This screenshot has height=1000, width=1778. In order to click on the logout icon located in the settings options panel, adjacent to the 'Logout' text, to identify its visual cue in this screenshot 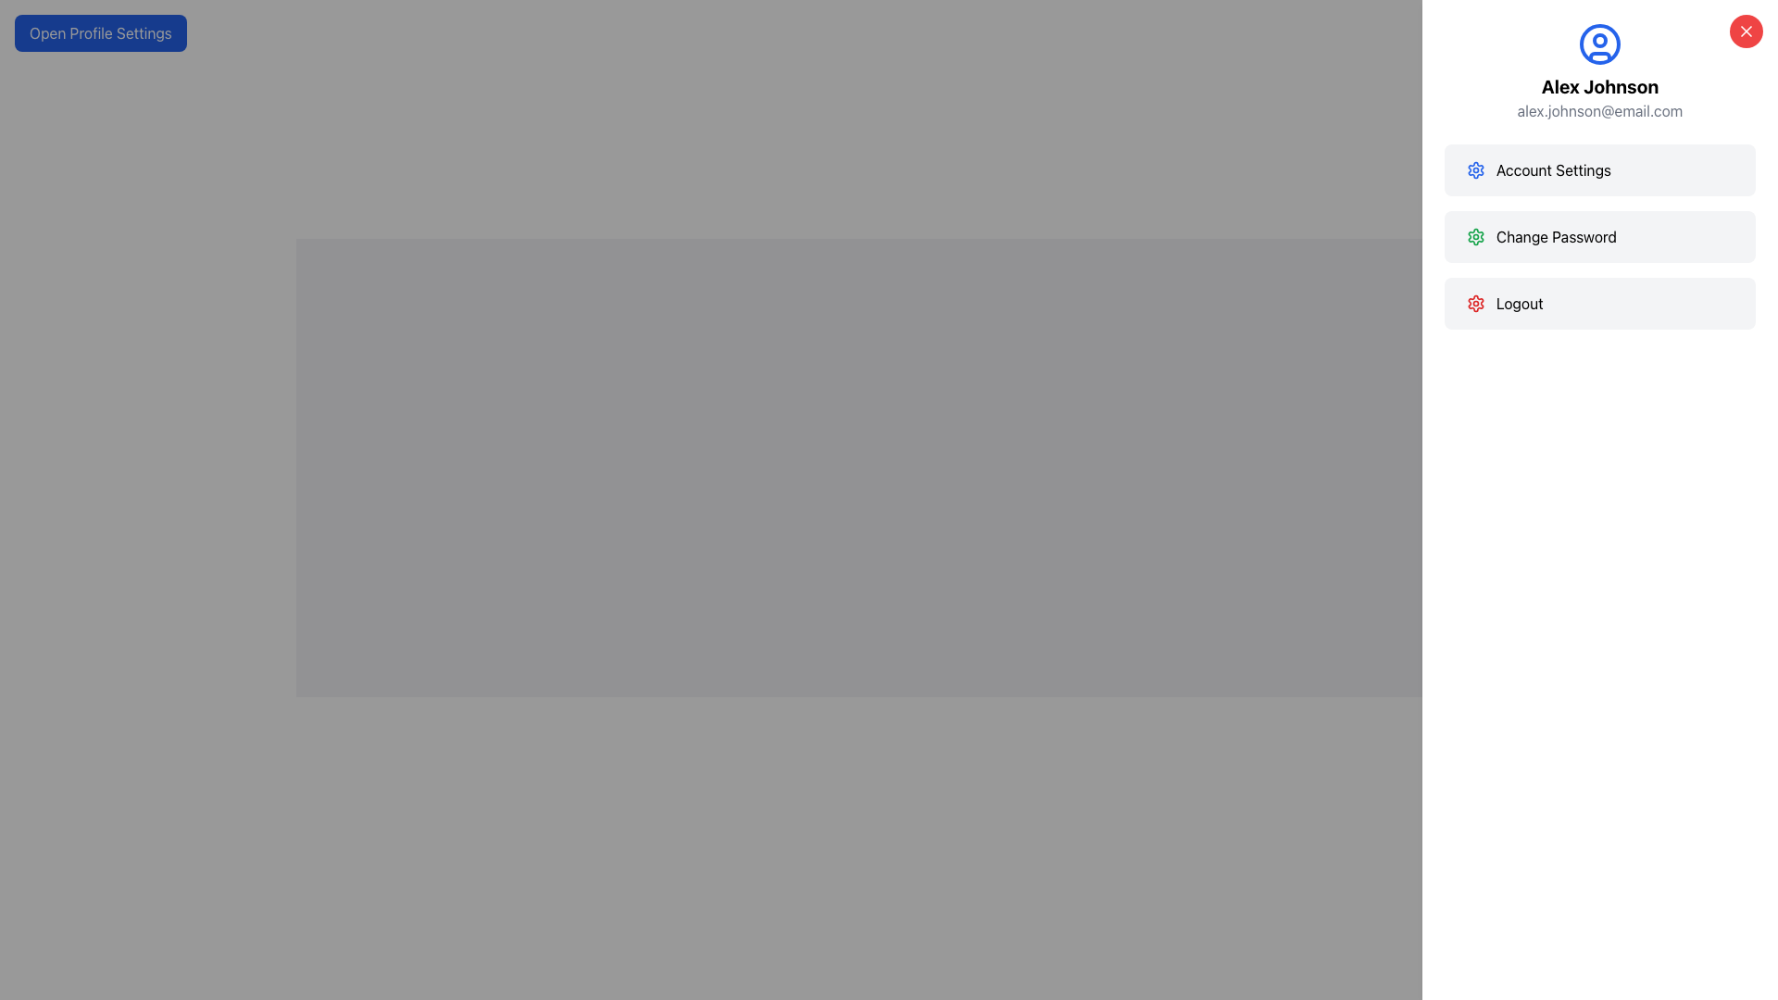, I will do `click(1474, 235)`.